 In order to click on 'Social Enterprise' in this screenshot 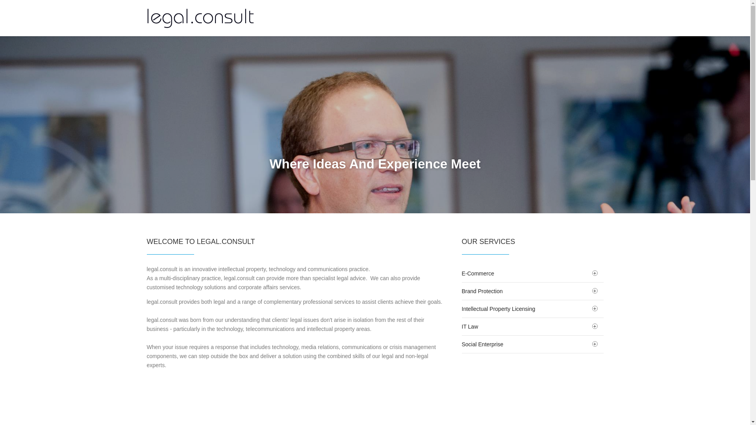, I will do `click(461, 344)`.